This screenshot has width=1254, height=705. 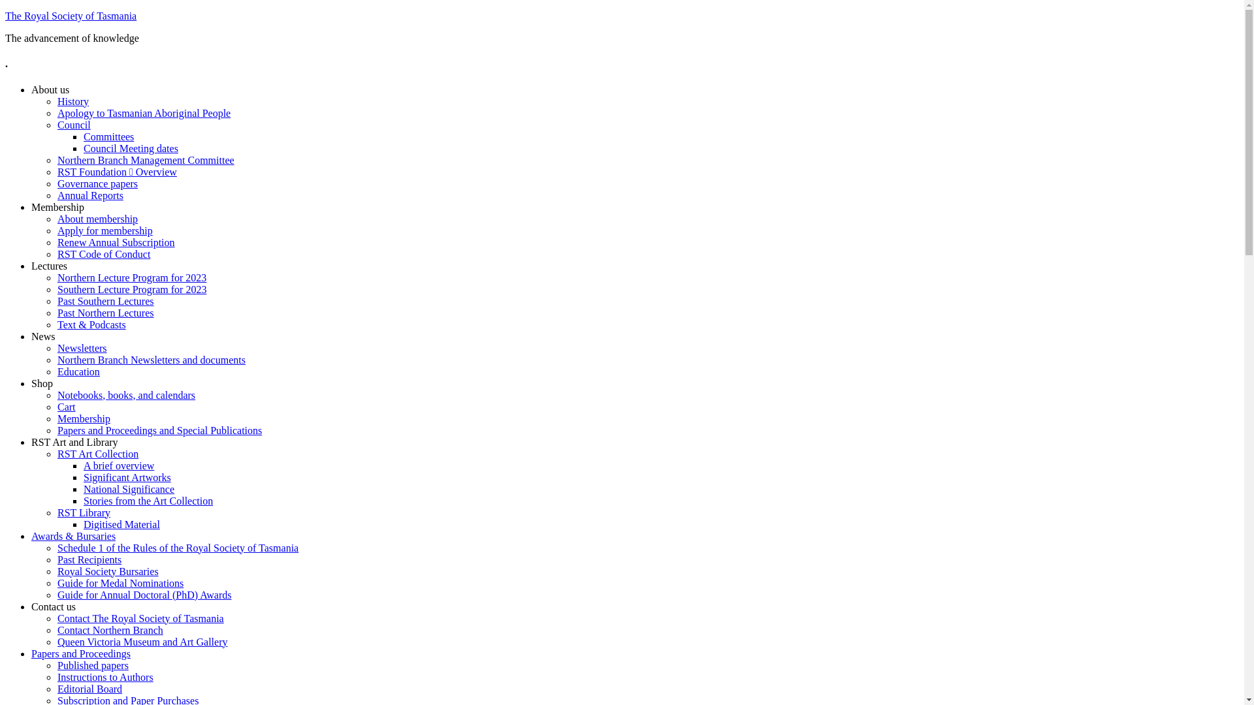 What do you see at coordinates (97, 218) in the screenshot?
I see `'About membership'` at bounding box center [97, 218].